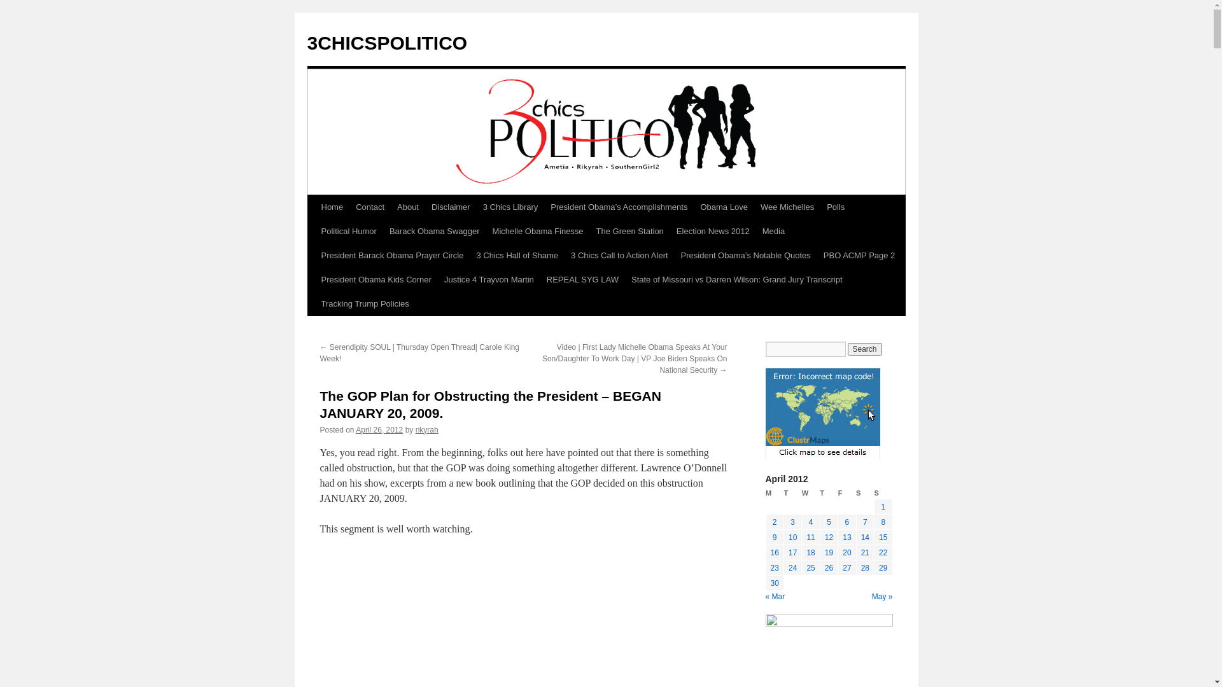 This screenshot has width=1222, height=687. What do you see at coordinates (386, 42) in the screenshot?
I see `'3CHICSPOLITICO'` at bounding box center [386, 42].